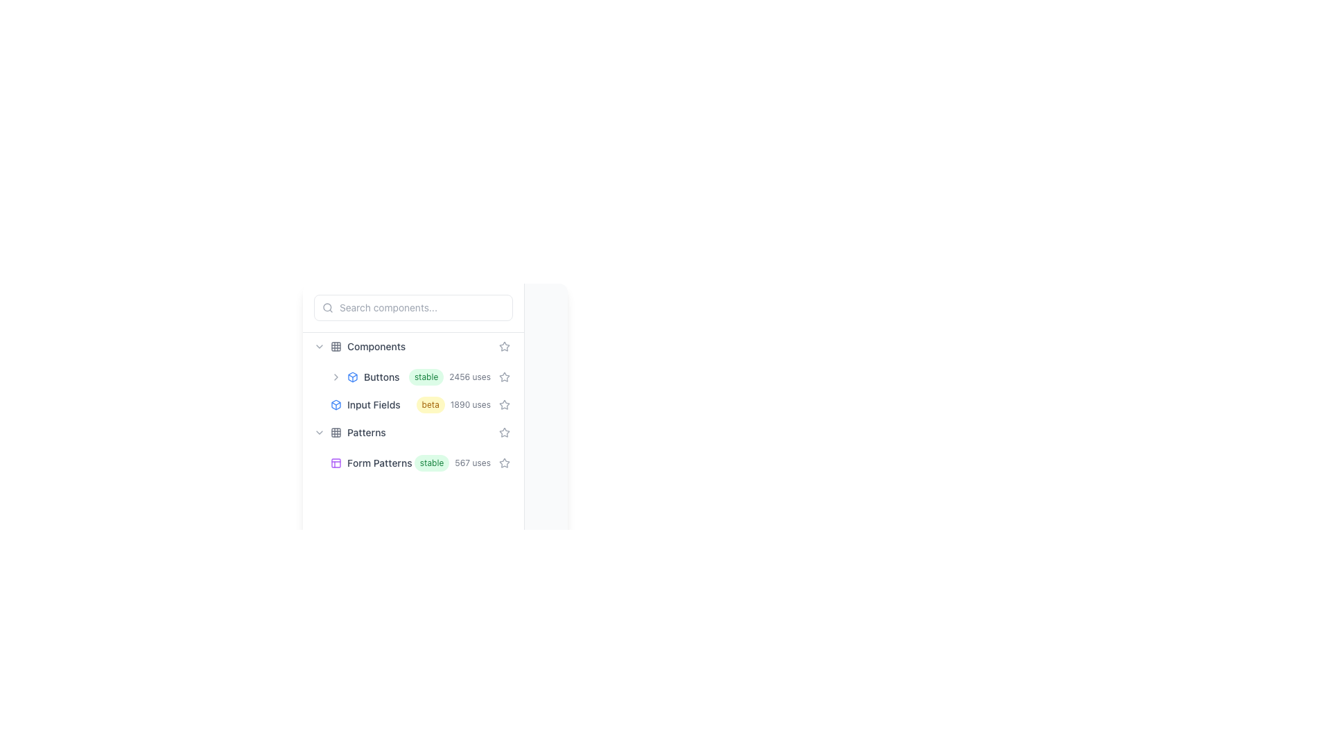  I want to click on the List Item under the 'Patterns' section, so click(412, 463).